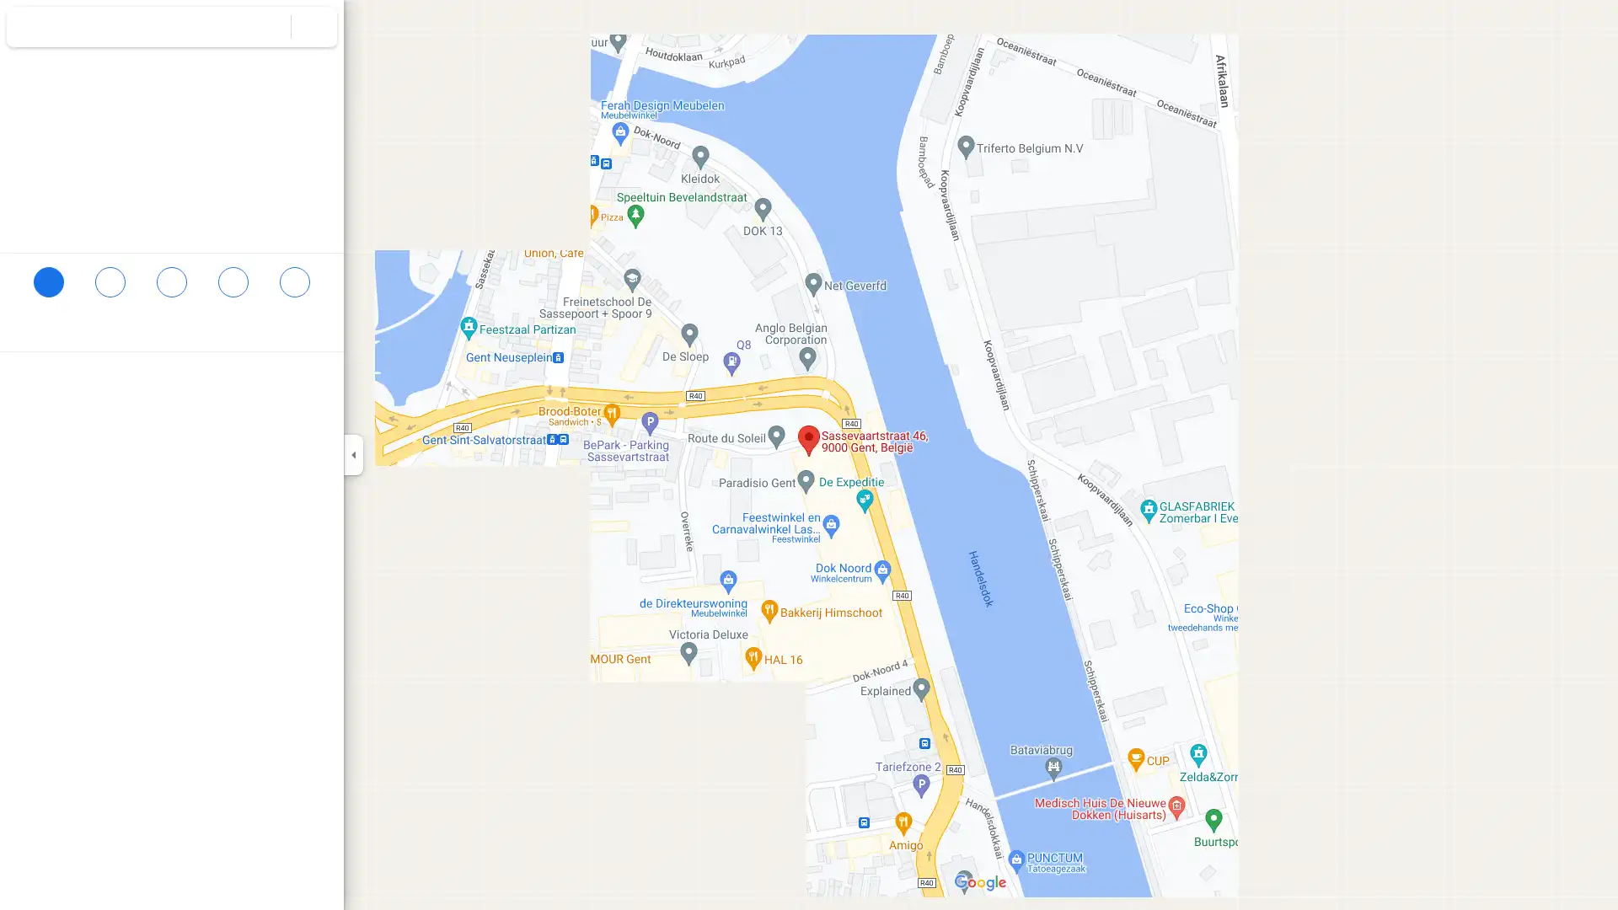 The height and width of the screenshot is (910, 1618). What do you see at coordinates (312, 383) in the screenshot?
I see `Adres kopieren` at bounding box center [312, 383].